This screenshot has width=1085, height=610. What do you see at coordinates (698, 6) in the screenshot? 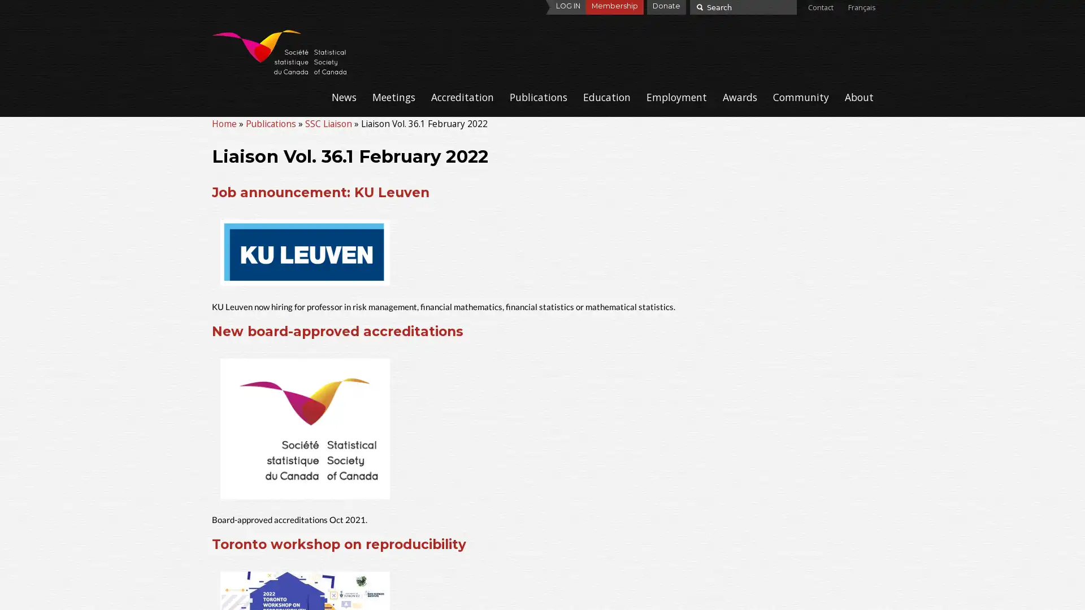
I see `Search` at bounding box center [698, 6].